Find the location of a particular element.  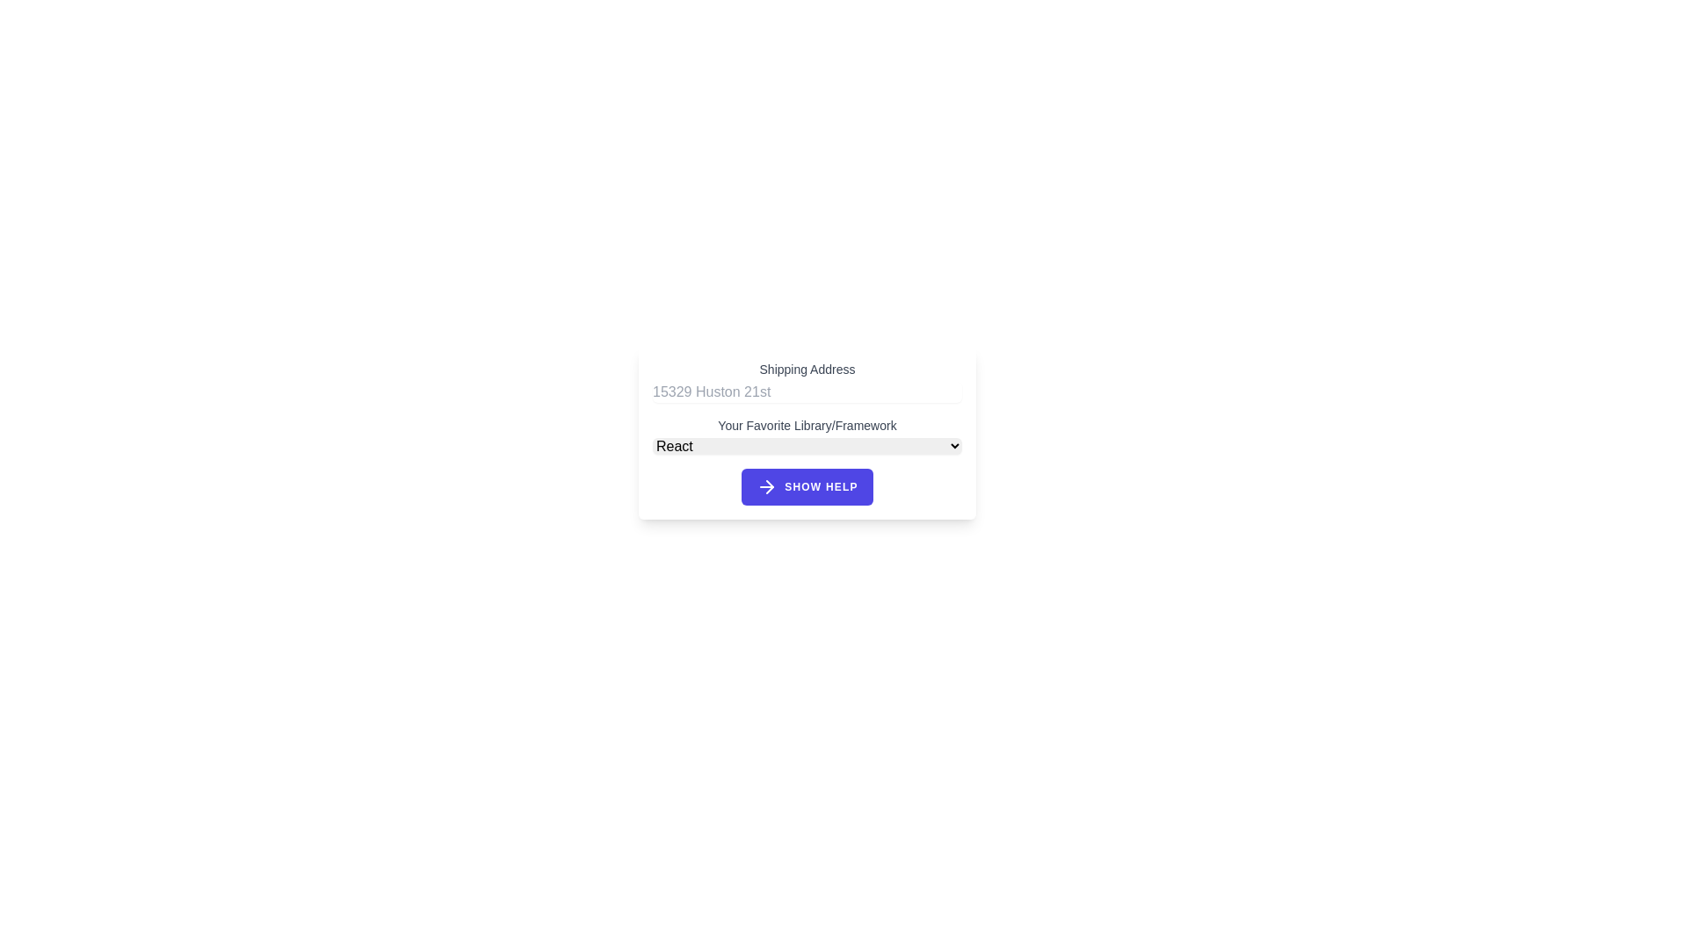

the 'Shipping Address' label which displays the text in medium font size and gray color, located above the input field for address is located at coordinates (806, 368).